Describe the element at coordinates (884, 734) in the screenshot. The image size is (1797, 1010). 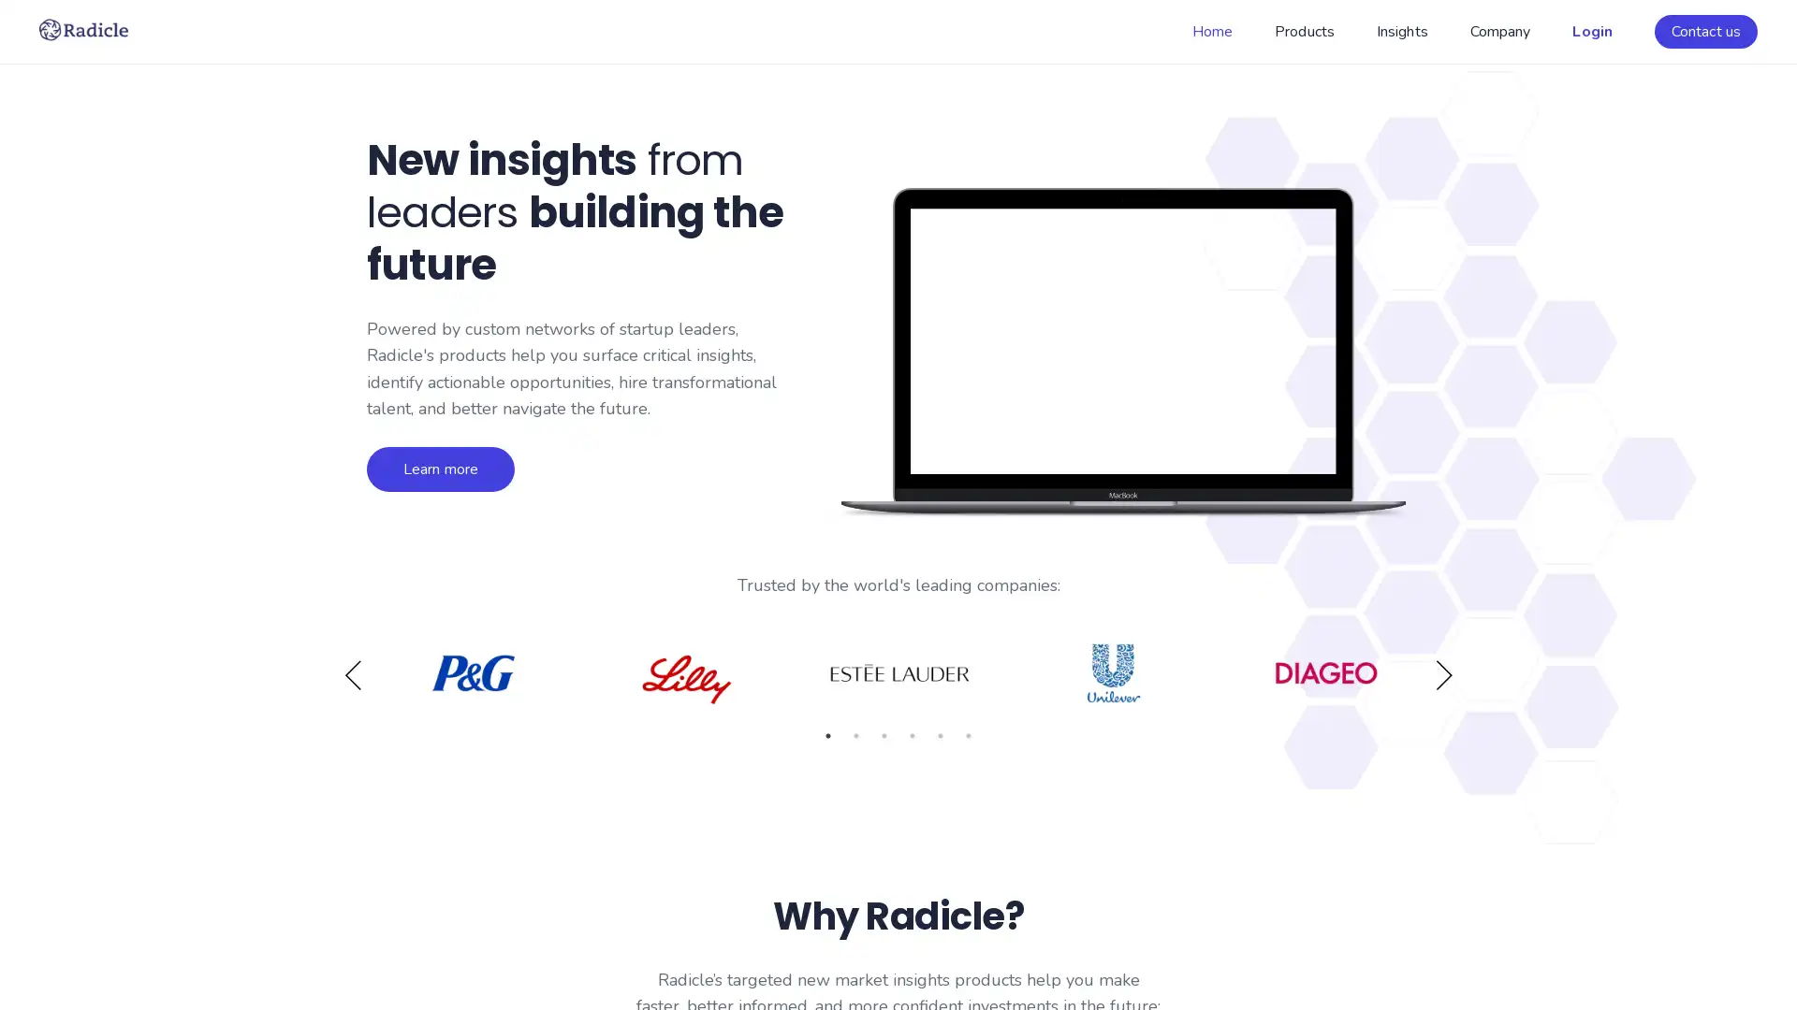
I see `3` at that location.